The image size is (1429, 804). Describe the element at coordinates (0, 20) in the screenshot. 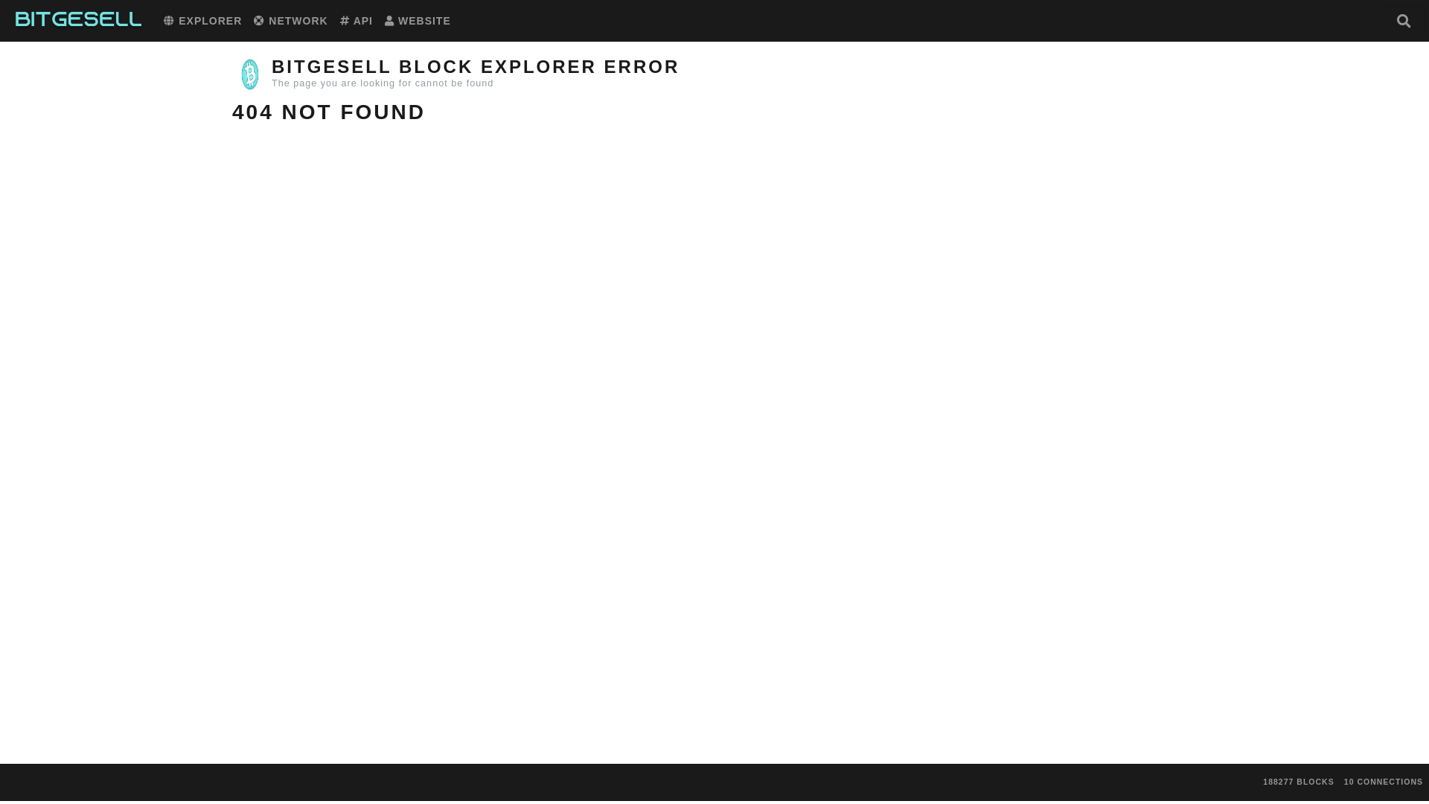

I see `'Bitgesell Home'` at that location.